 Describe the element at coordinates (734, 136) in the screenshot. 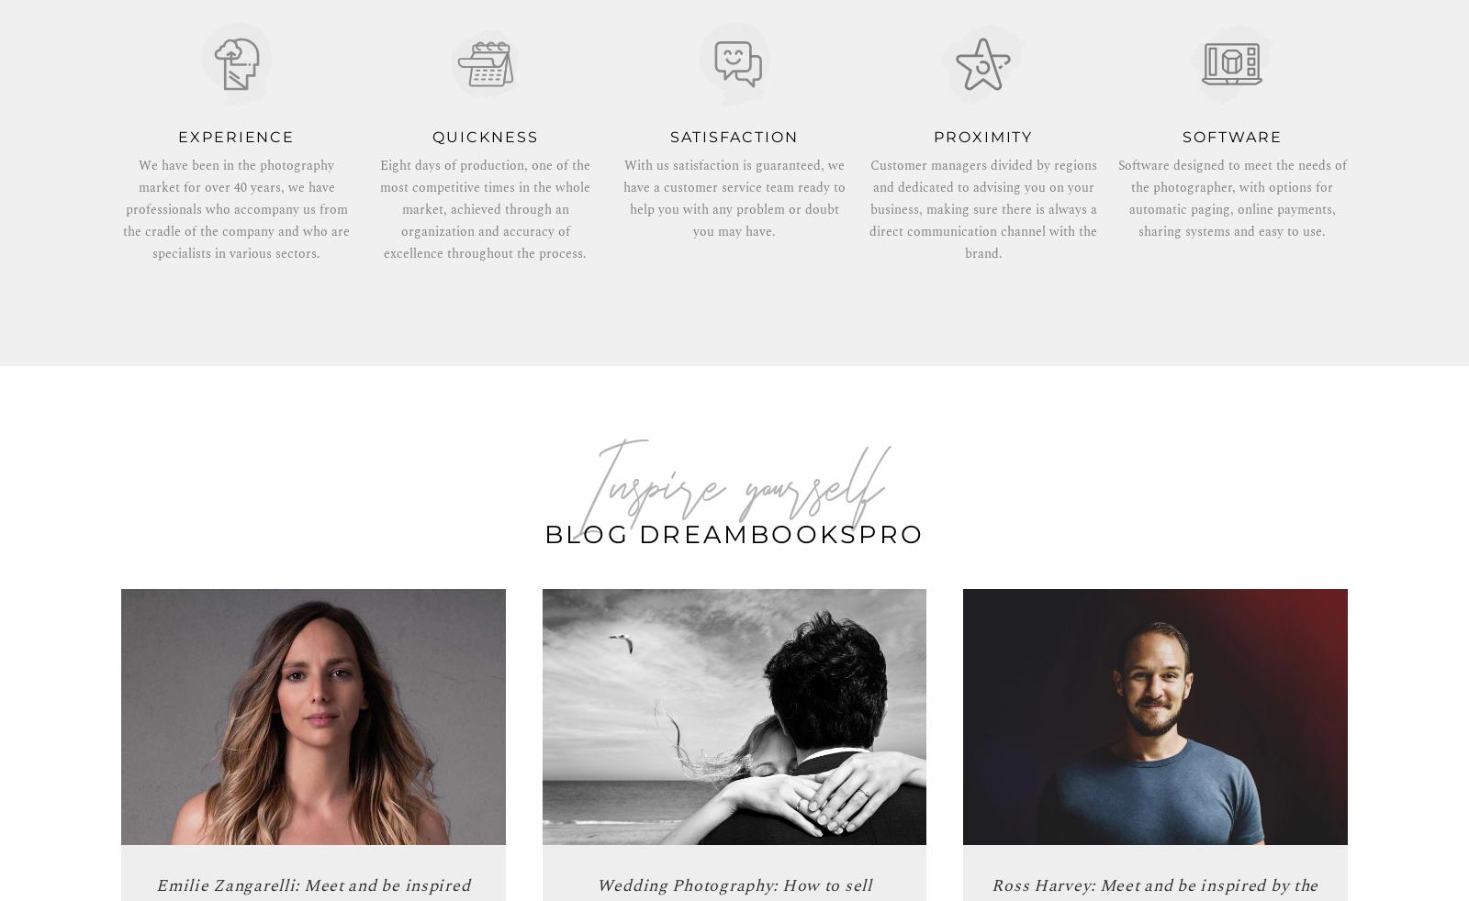

I see `'SATISFACTION'` at that location.